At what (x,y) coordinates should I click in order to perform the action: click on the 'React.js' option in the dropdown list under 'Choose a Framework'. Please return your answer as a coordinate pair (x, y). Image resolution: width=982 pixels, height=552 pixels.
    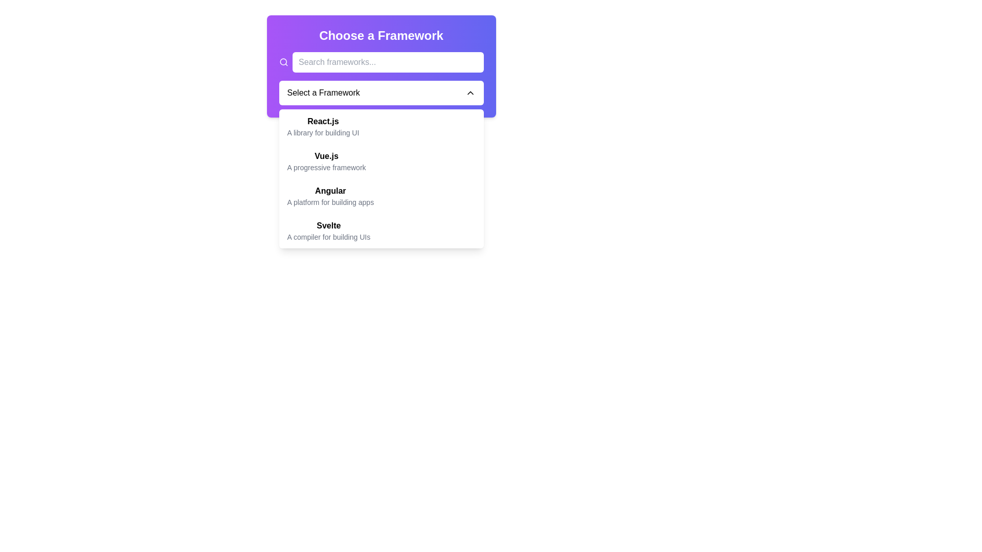
    Looking at the image, I should click on (322, 126).